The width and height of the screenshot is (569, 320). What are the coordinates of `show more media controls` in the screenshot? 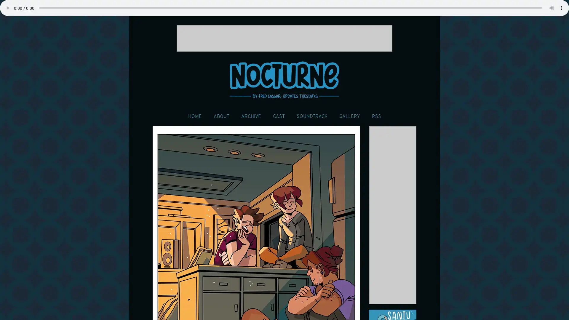 It's located at (561, 8).